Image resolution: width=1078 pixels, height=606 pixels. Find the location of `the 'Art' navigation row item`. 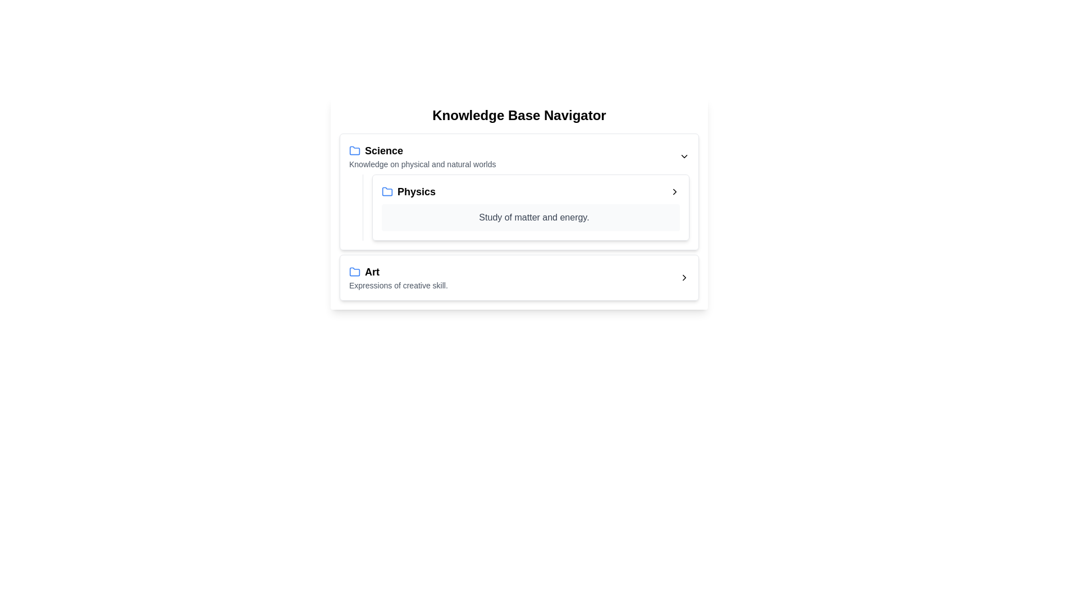

the 'Art' navigation row item is located at coordinates (519, 277).